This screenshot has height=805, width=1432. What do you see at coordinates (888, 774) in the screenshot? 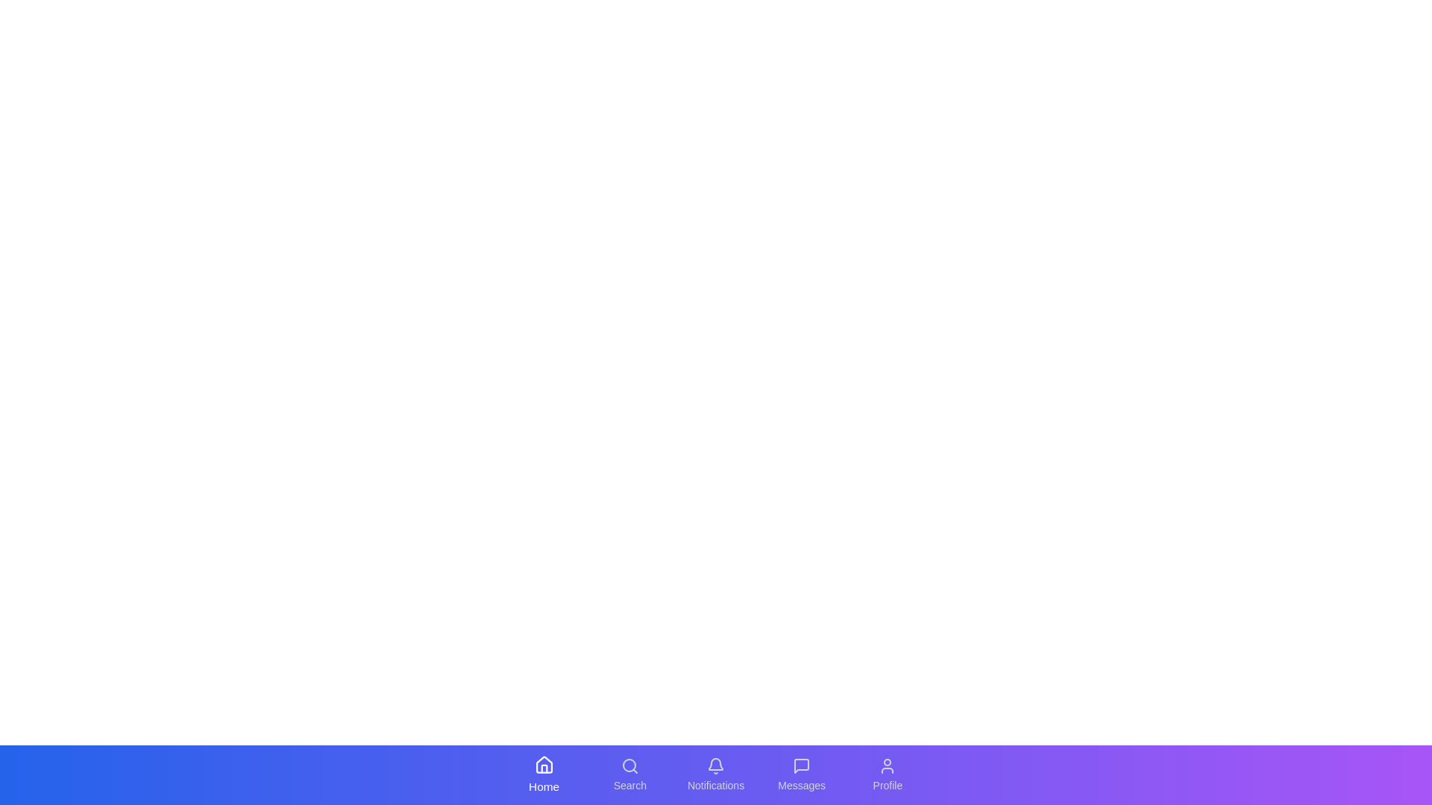
I see `the Profile tab to inspect its details` at bounding box center [888, 774].